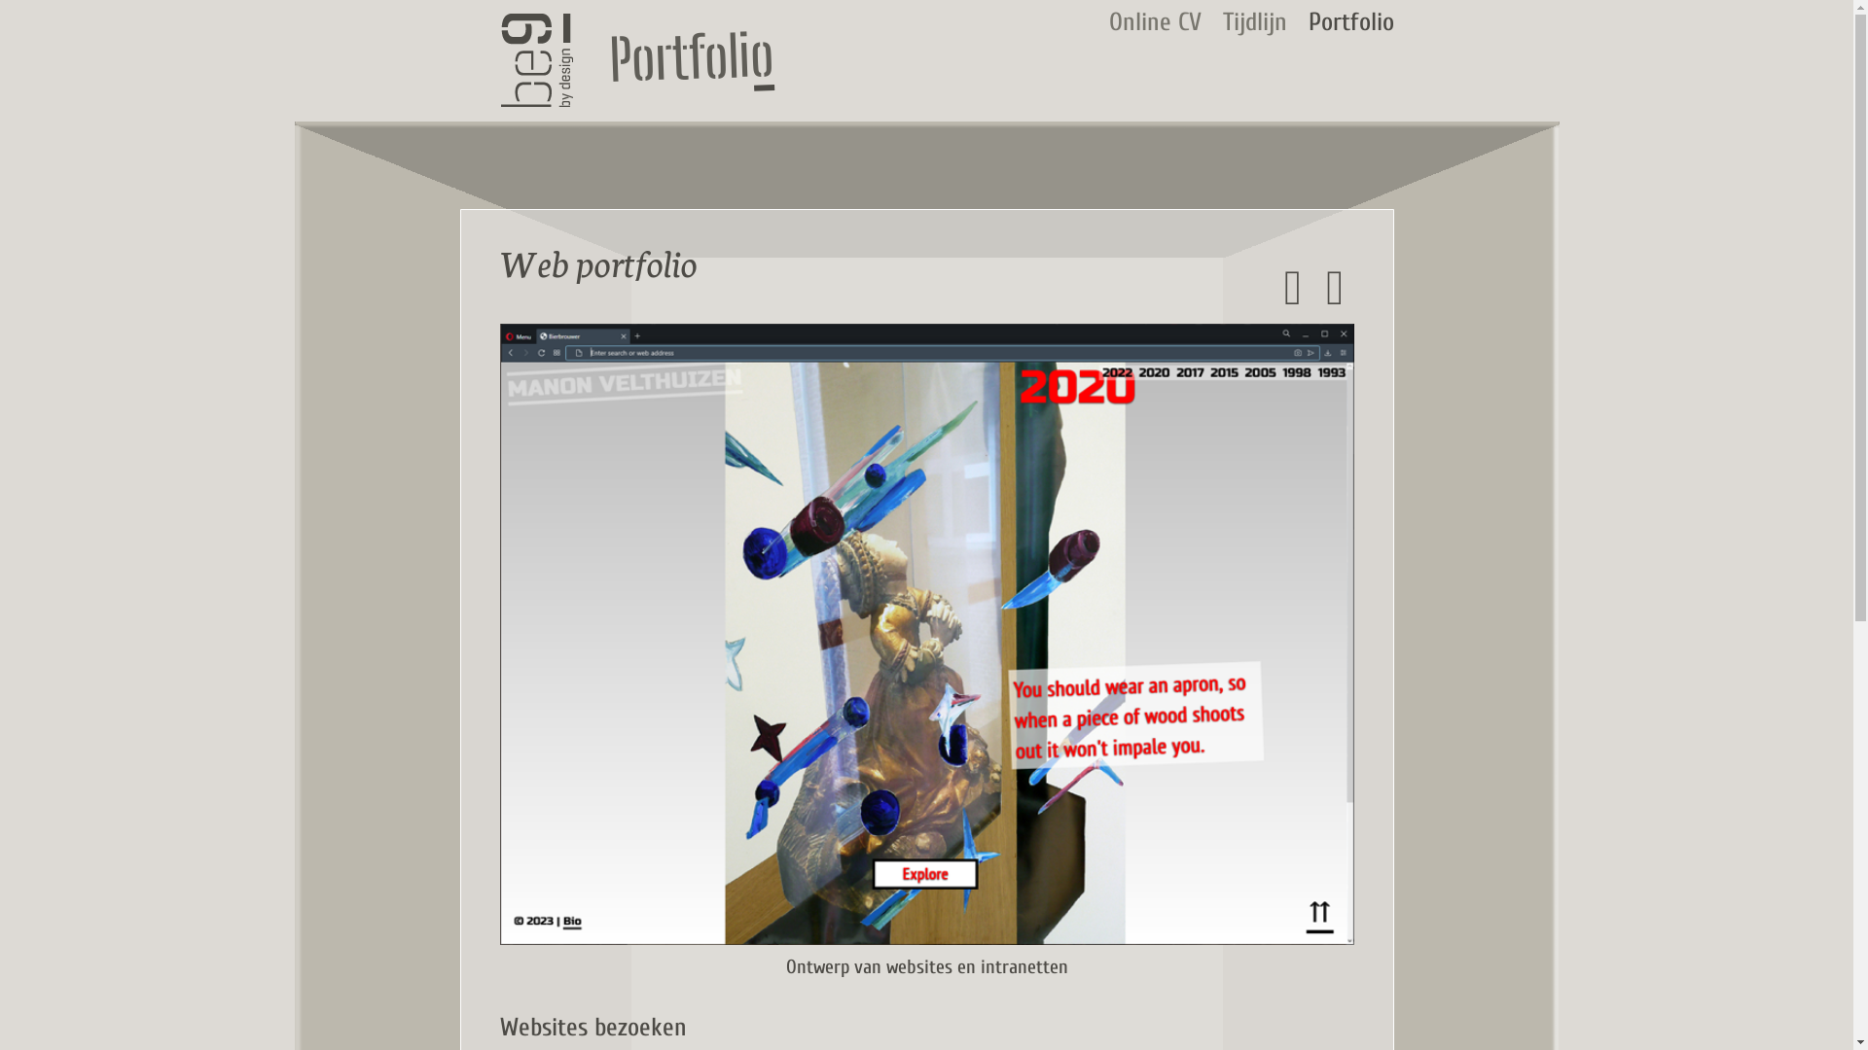 This screenshot has height=1050, width=1868. Describe the element at coordinates (1155, 22) in the screenshot. I see `'Online CV'` at that location.